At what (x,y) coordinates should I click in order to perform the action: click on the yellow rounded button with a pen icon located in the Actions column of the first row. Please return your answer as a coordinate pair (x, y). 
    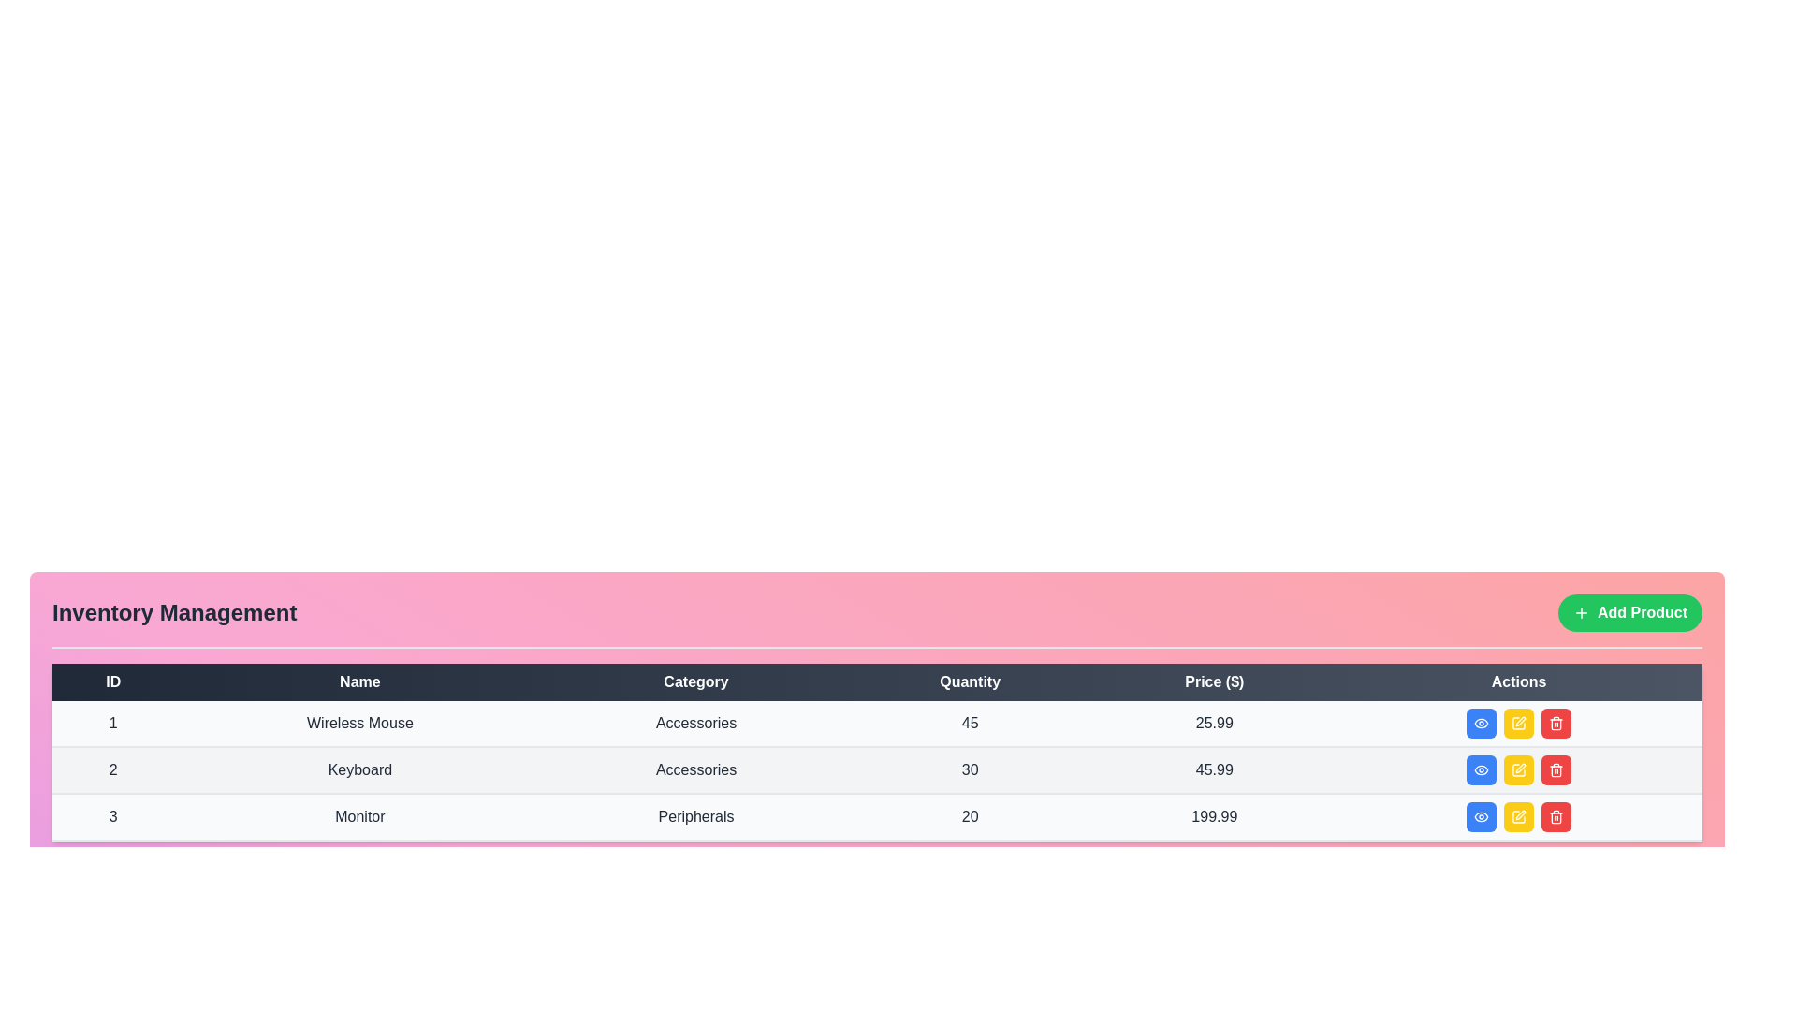
    Looking at the image, I should click on (1519, 722).